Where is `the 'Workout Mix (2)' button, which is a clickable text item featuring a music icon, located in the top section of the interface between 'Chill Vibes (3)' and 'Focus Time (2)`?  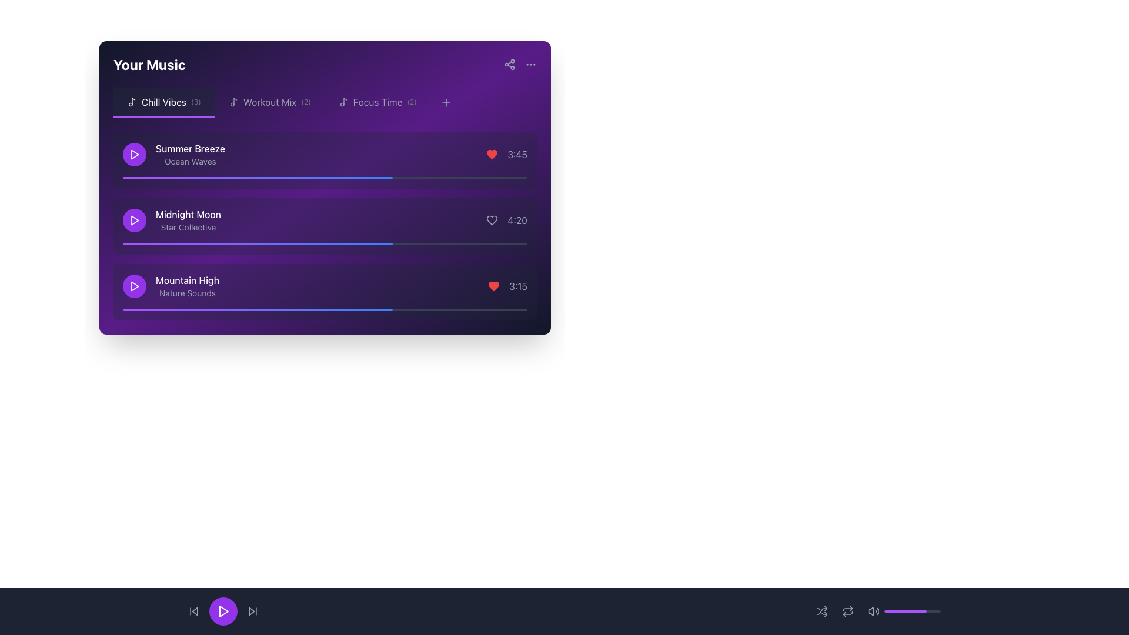
the 'Workout Mix (2)' button, which is a clickable text item featuring a music icon, located in the top section of the interface between 'Chill Vibes (3)' and 'Focus Time (2) is located at coordinates (269, 102).